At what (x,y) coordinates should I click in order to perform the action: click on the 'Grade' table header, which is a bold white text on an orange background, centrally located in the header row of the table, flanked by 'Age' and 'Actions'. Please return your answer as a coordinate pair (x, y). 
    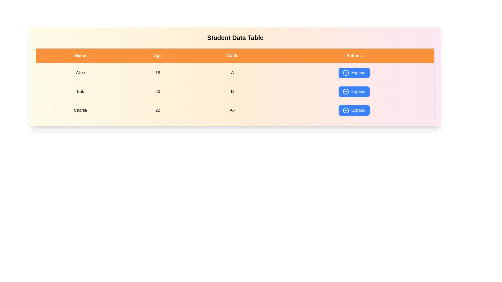
    Looking at the image, I should click on (232, 56).